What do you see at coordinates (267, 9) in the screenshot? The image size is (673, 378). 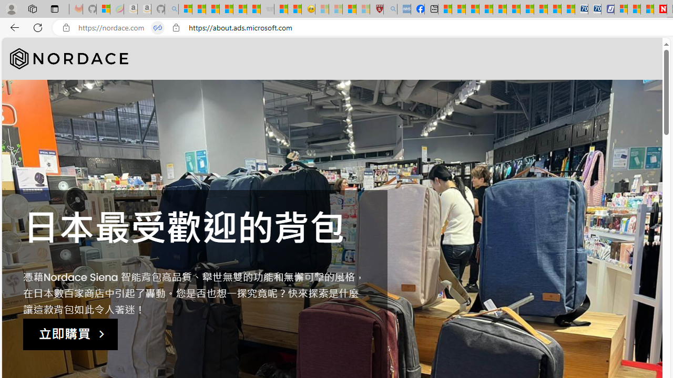 I see `'Combat Siege - Sleeping'` at bounding box center [267, 9].